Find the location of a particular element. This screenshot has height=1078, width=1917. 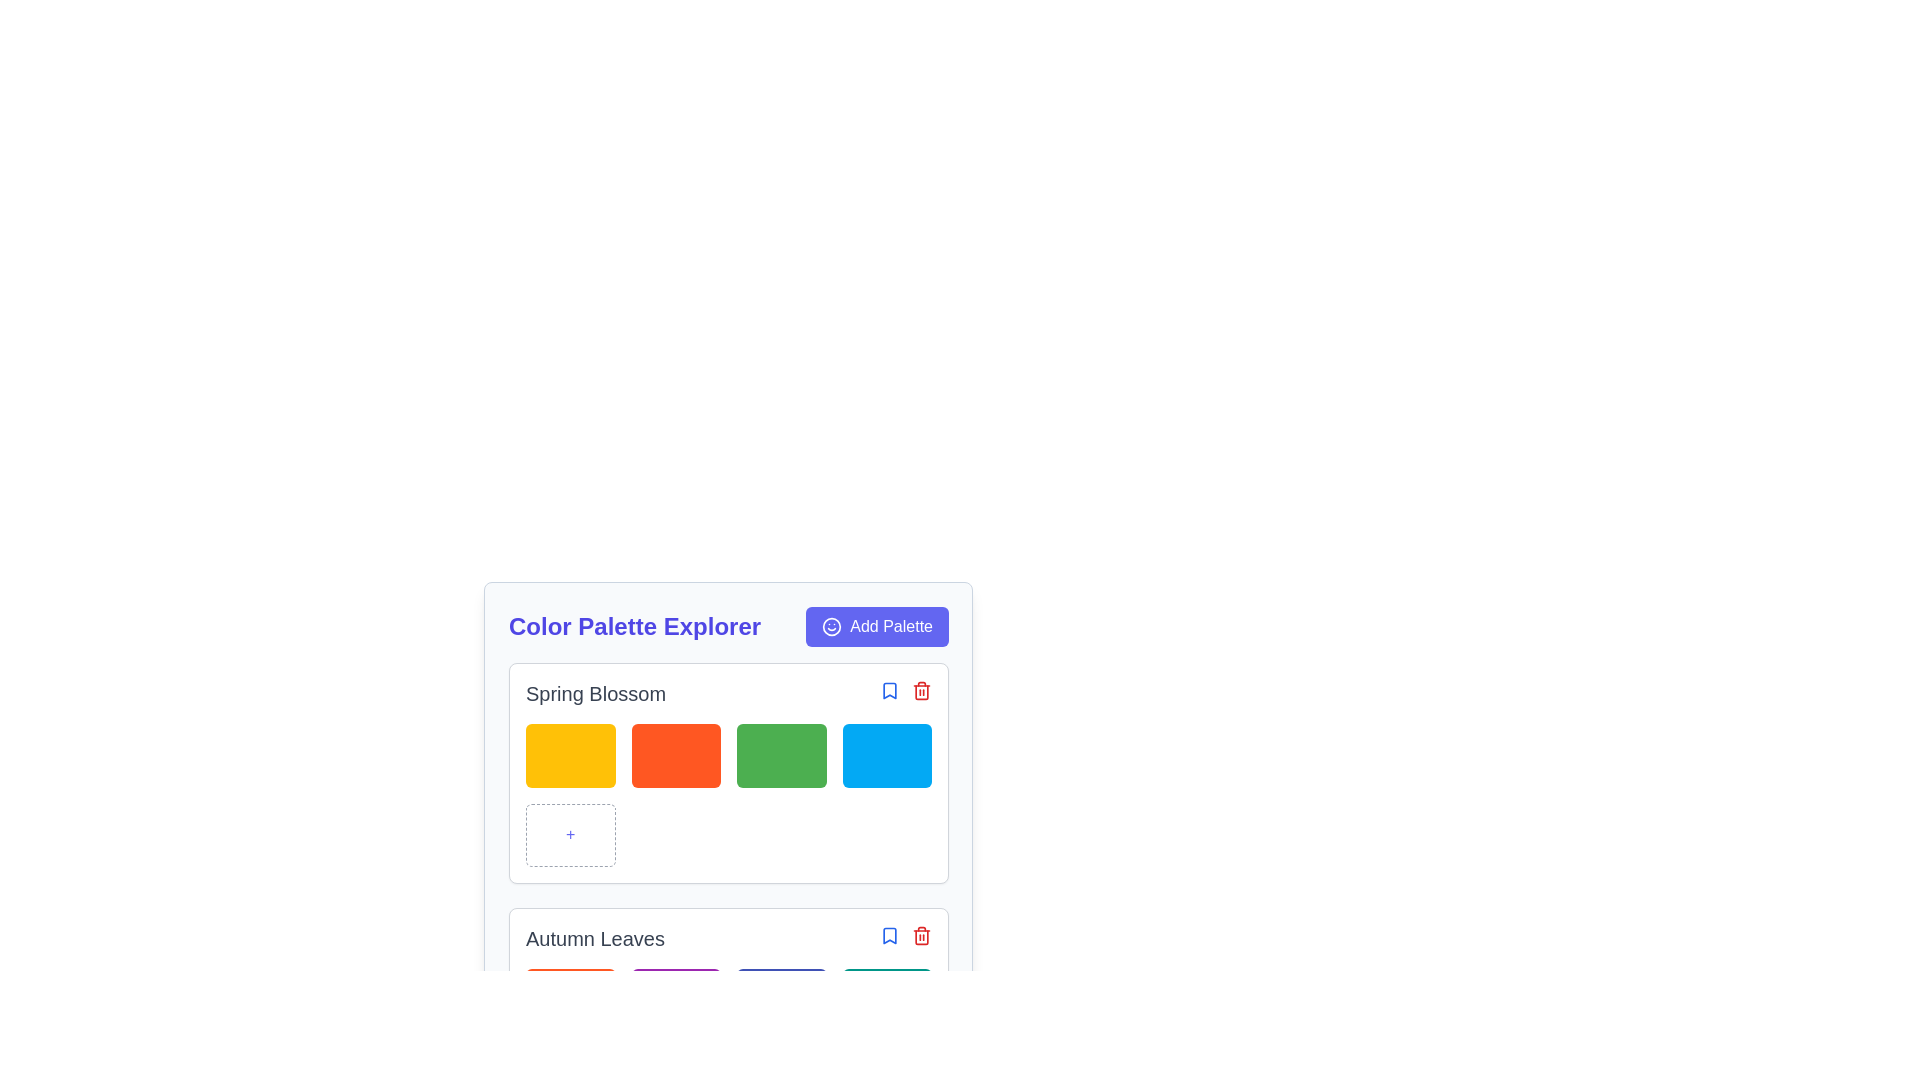

the color block representing the color option '#9C27B0', which is the second item is located at coordinates (676, 1000).